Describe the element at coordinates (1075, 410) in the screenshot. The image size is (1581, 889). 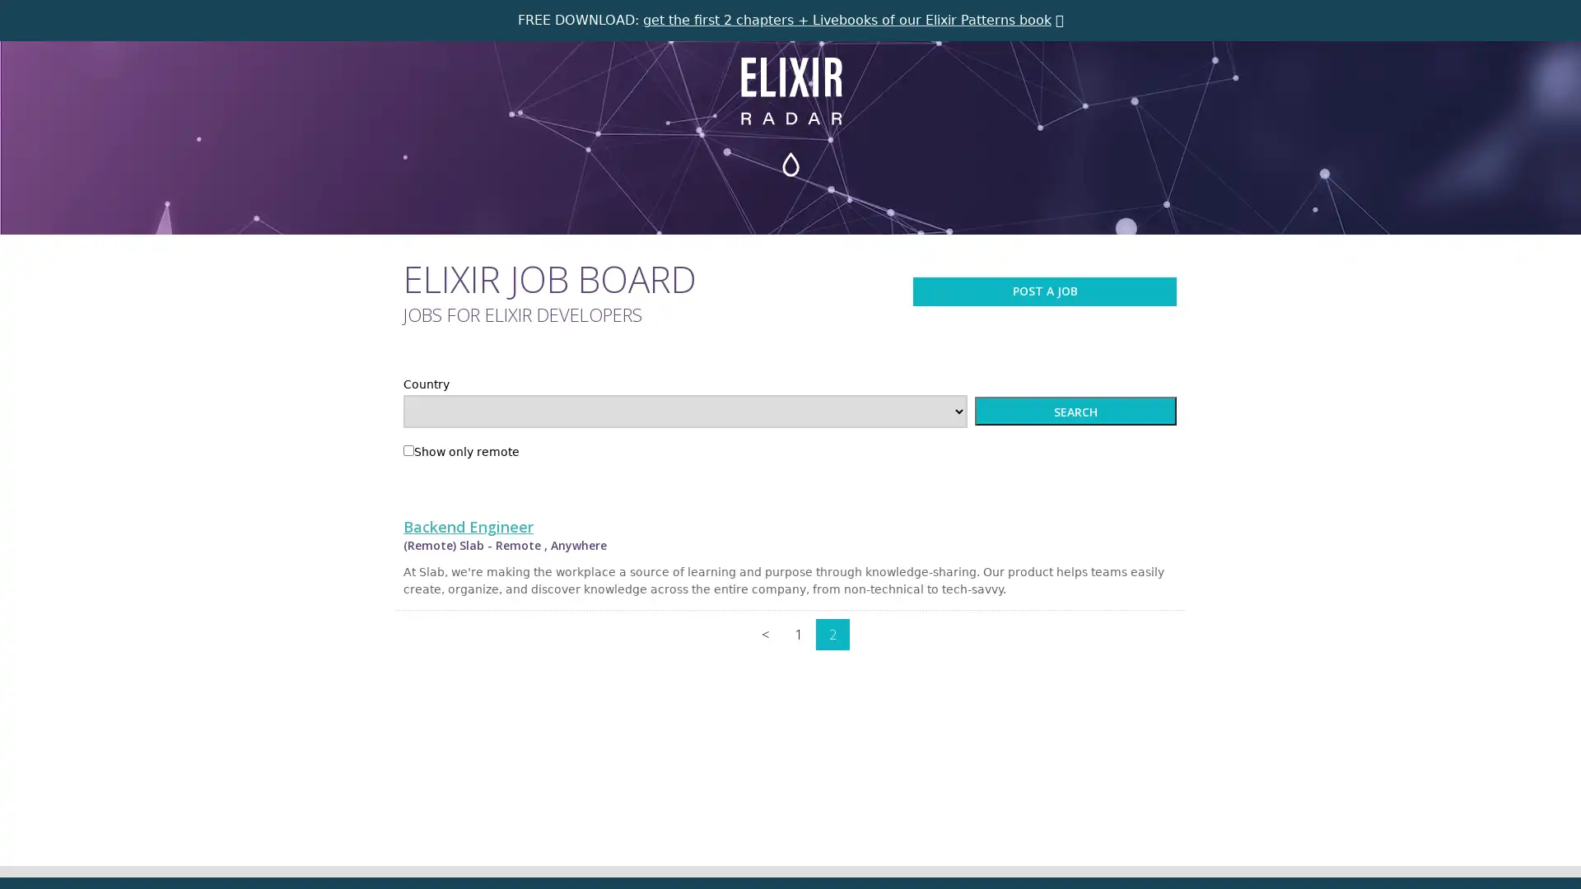
I see `SEARCH` at that location.